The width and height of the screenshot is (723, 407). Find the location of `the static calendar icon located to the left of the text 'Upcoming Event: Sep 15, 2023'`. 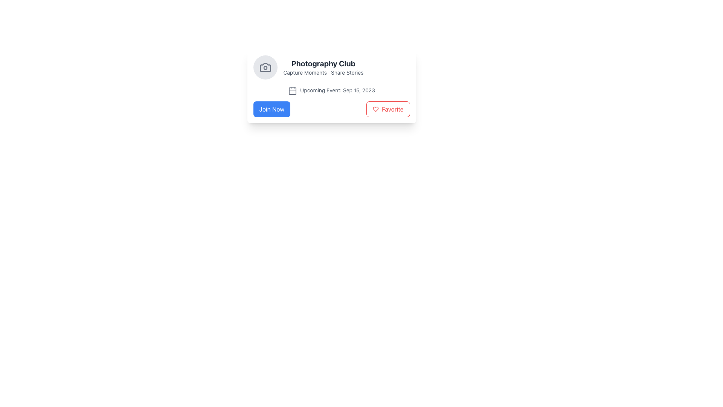

the static calendar icon located to the left of the text 'Upcoming Event: Sep 15, 2023' is located at coordinates (292, 90).